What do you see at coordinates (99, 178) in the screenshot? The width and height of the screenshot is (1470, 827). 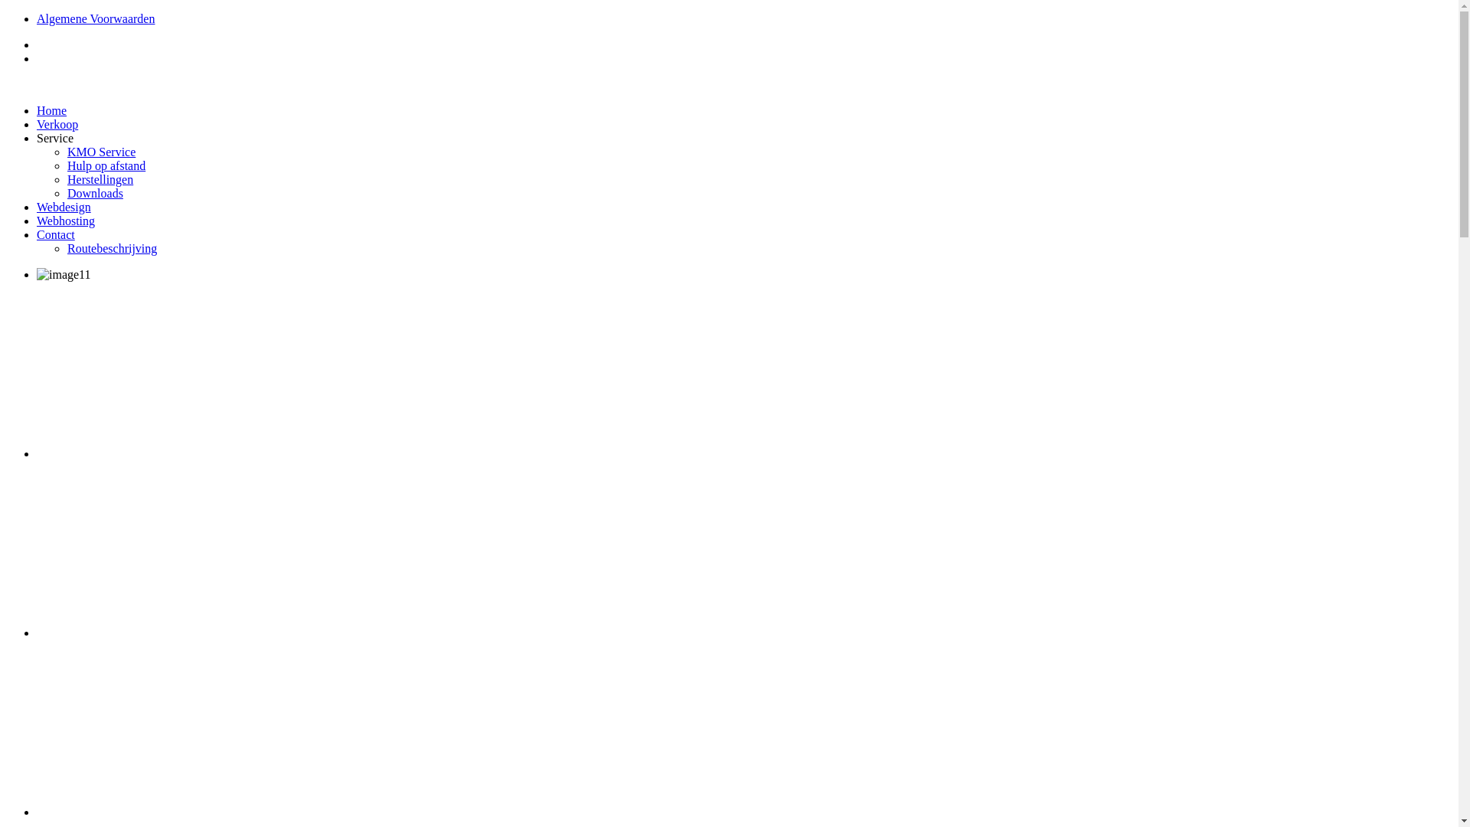 I see `'Herstellingen'` at bounding box center [99, 178].